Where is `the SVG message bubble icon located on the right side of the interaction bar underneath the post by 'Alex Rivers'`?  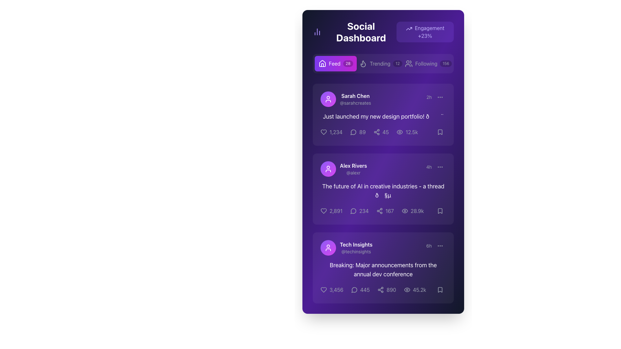
the SVG message bubble icon located on the right side of the interaction bar underneath the post by 'Alex Rivers' is located at coordinates (353, 211).